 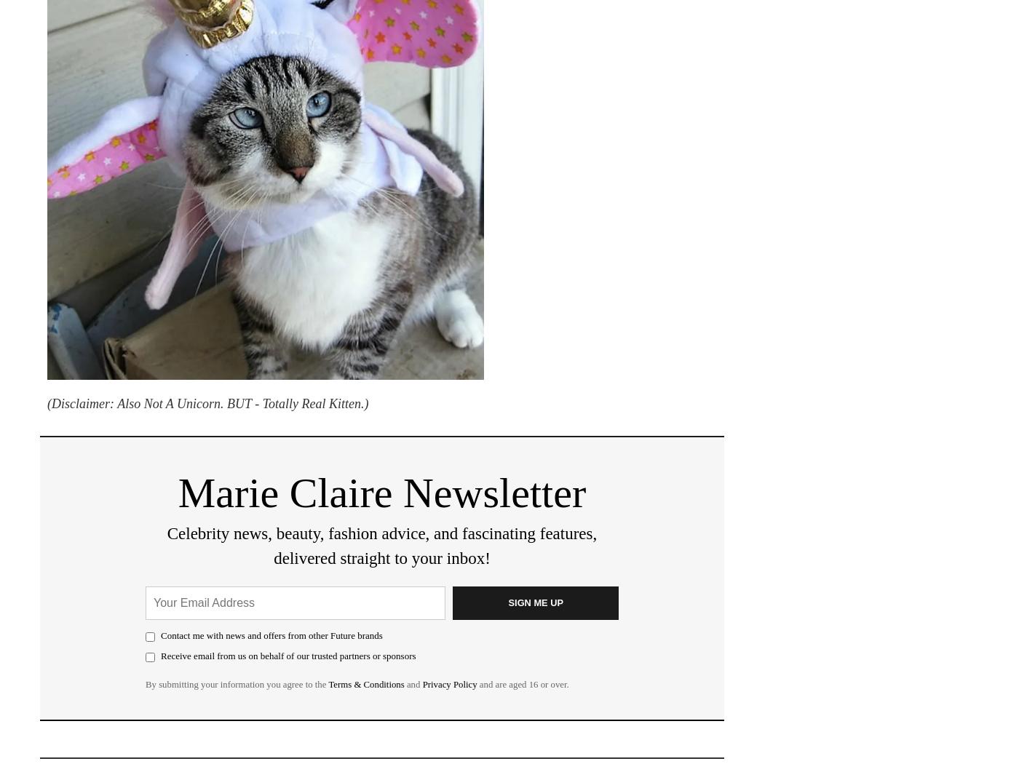 I want to click on 'and are aged 16 or over.', so click(x=523, y=683).